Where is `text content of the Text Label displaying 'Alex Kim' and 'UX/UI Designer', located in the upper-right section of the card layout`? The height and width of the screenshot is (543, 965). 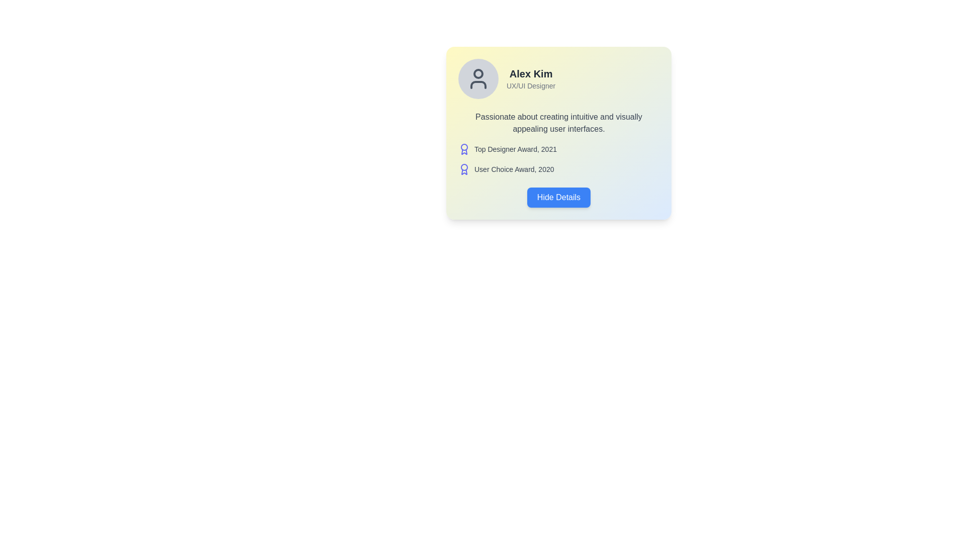
text content of the Text Label displaying 'Alex Kim' and 'UX/UI Designer', located in the upper-right section of the card layout is located at coordinates (530, 78).